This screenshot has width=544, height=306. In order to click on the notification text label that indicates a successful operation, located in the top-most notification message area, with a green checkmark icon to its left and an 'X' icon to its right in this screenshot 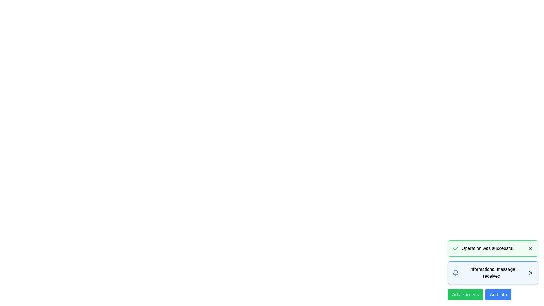, I will do `click(488, 248)`.